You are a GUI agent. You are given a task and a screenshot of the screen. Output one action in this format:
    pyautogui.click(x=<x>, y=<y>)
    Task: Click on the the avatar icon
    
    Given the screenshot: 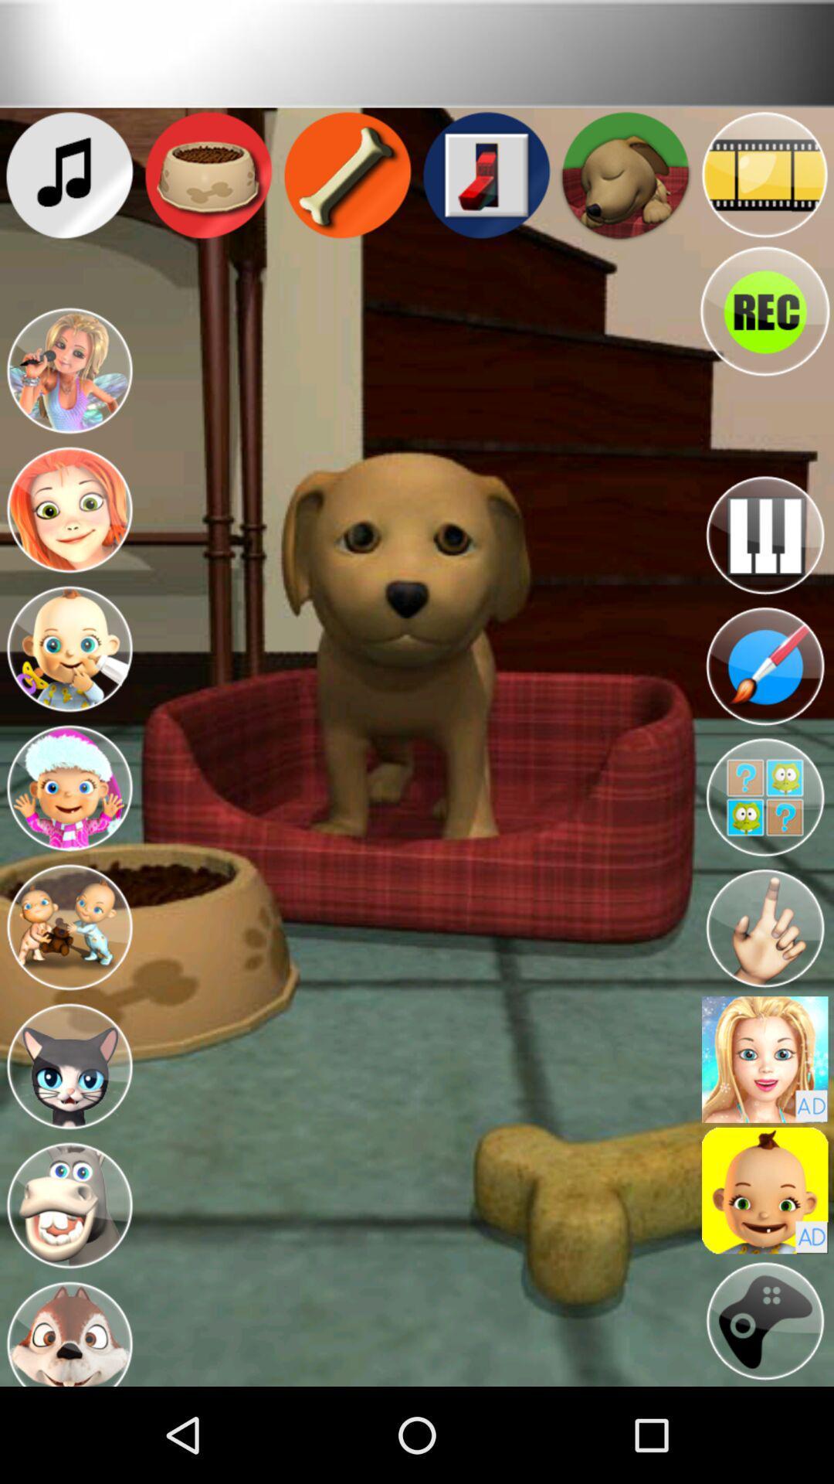 What is the action you would take?
    pyautogui.click(x=68, y=992)
    